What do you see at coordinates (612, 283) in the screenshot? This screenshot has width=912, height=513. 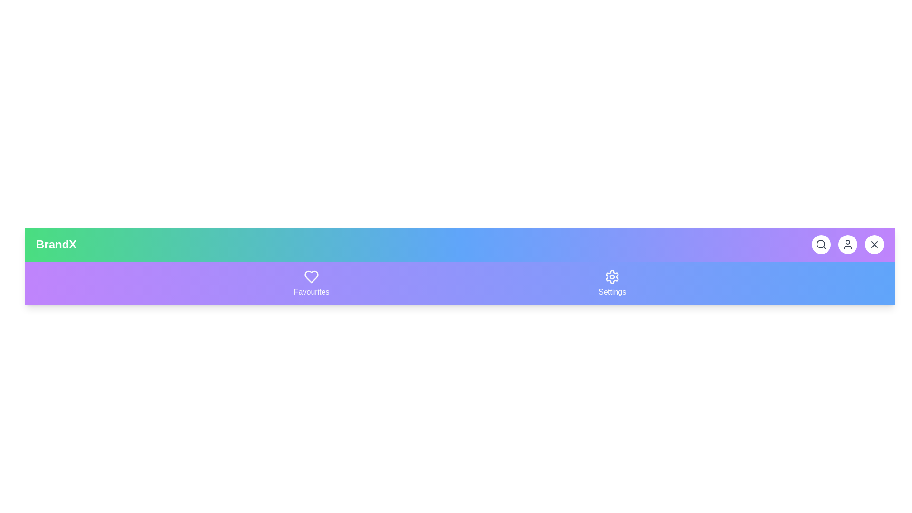 I see `the 'Settings' button in the menu` at bounding box center [612, 283].